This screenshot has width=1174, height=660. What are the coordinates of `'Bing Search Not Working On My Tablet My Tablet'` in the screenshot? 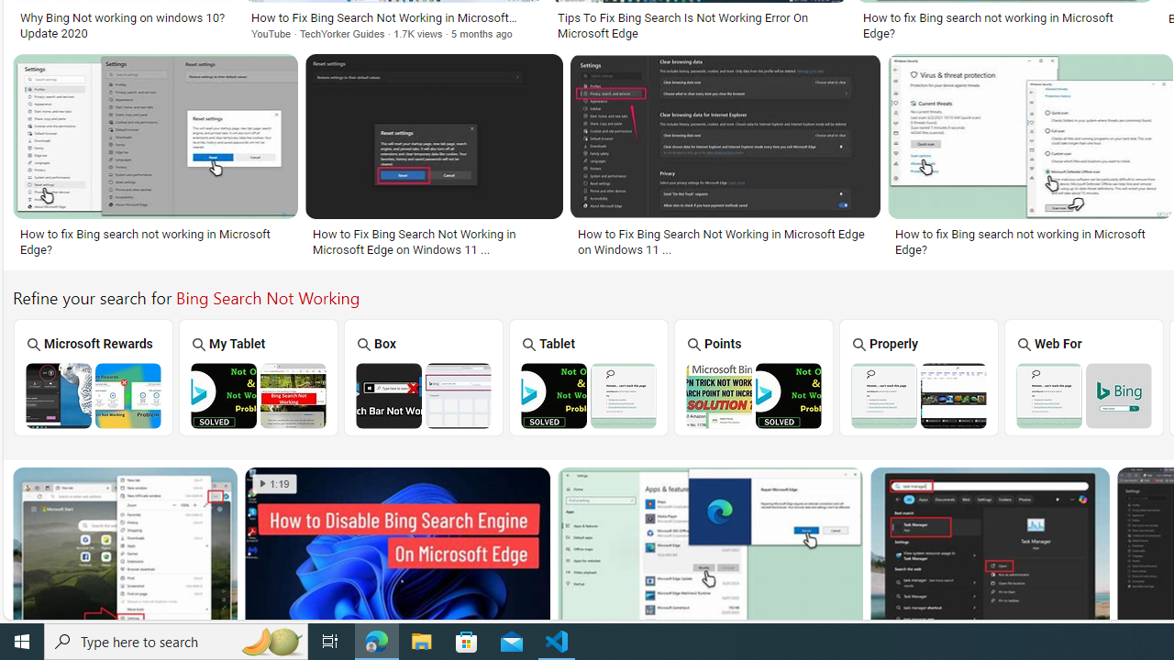 It's located at (258, 376).